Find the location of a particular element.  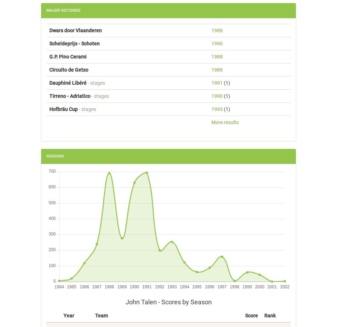

'Dwars door Vlaanderen' is located at coordinates (49, 31).